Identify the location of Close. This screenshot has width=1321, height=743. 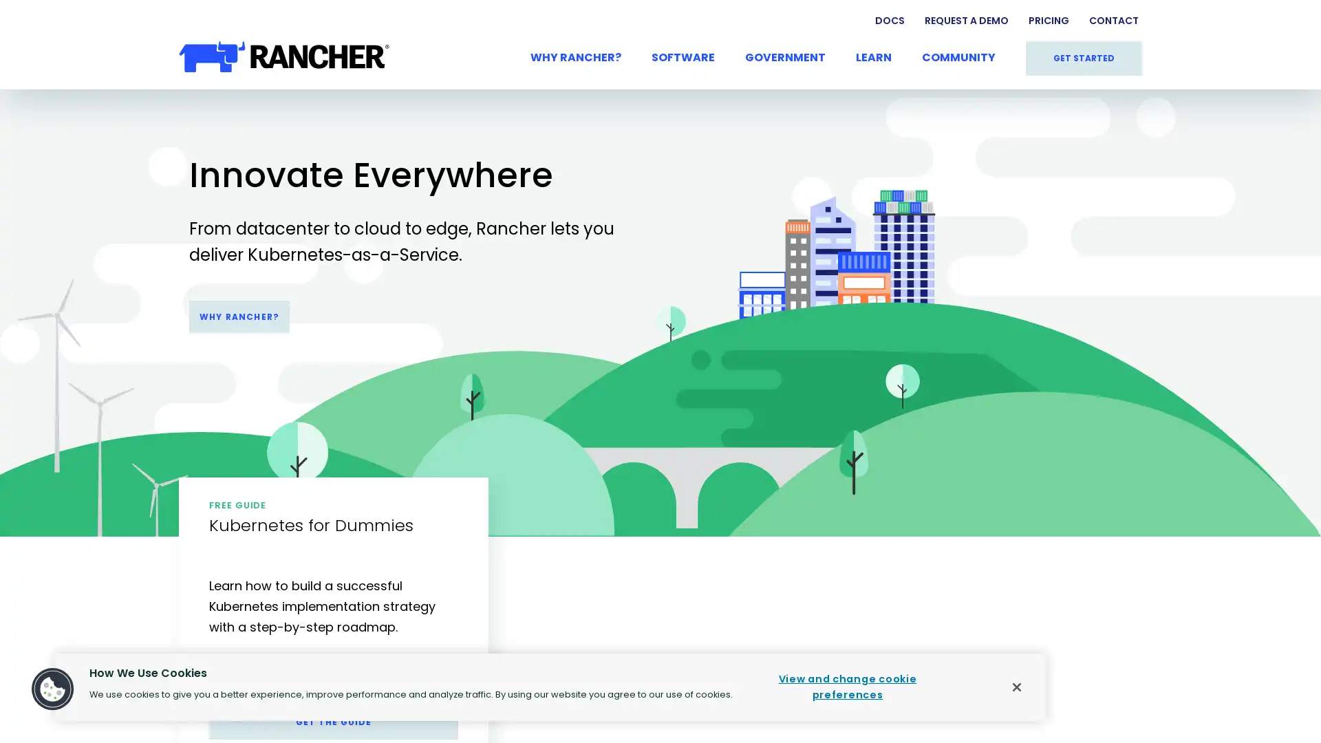
(1017, 687).